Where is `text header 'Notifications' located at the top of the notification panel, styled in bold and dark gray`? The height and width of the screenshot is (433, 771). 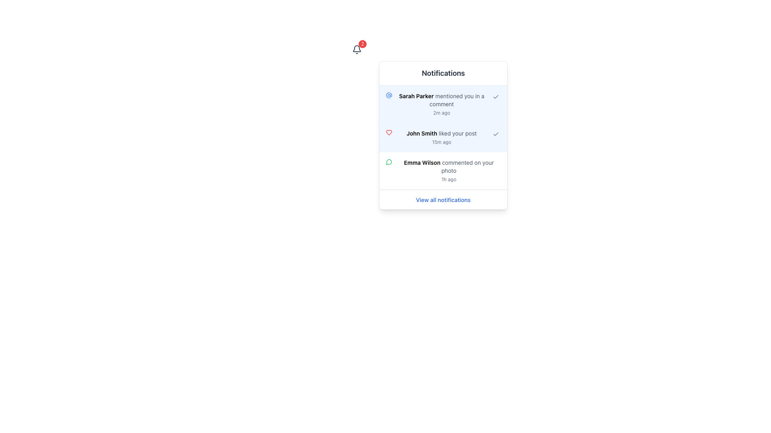 text header 'Notifications' located at the top of the notification panel, styled in bold and dark gray is located at coordinates (443, 73).